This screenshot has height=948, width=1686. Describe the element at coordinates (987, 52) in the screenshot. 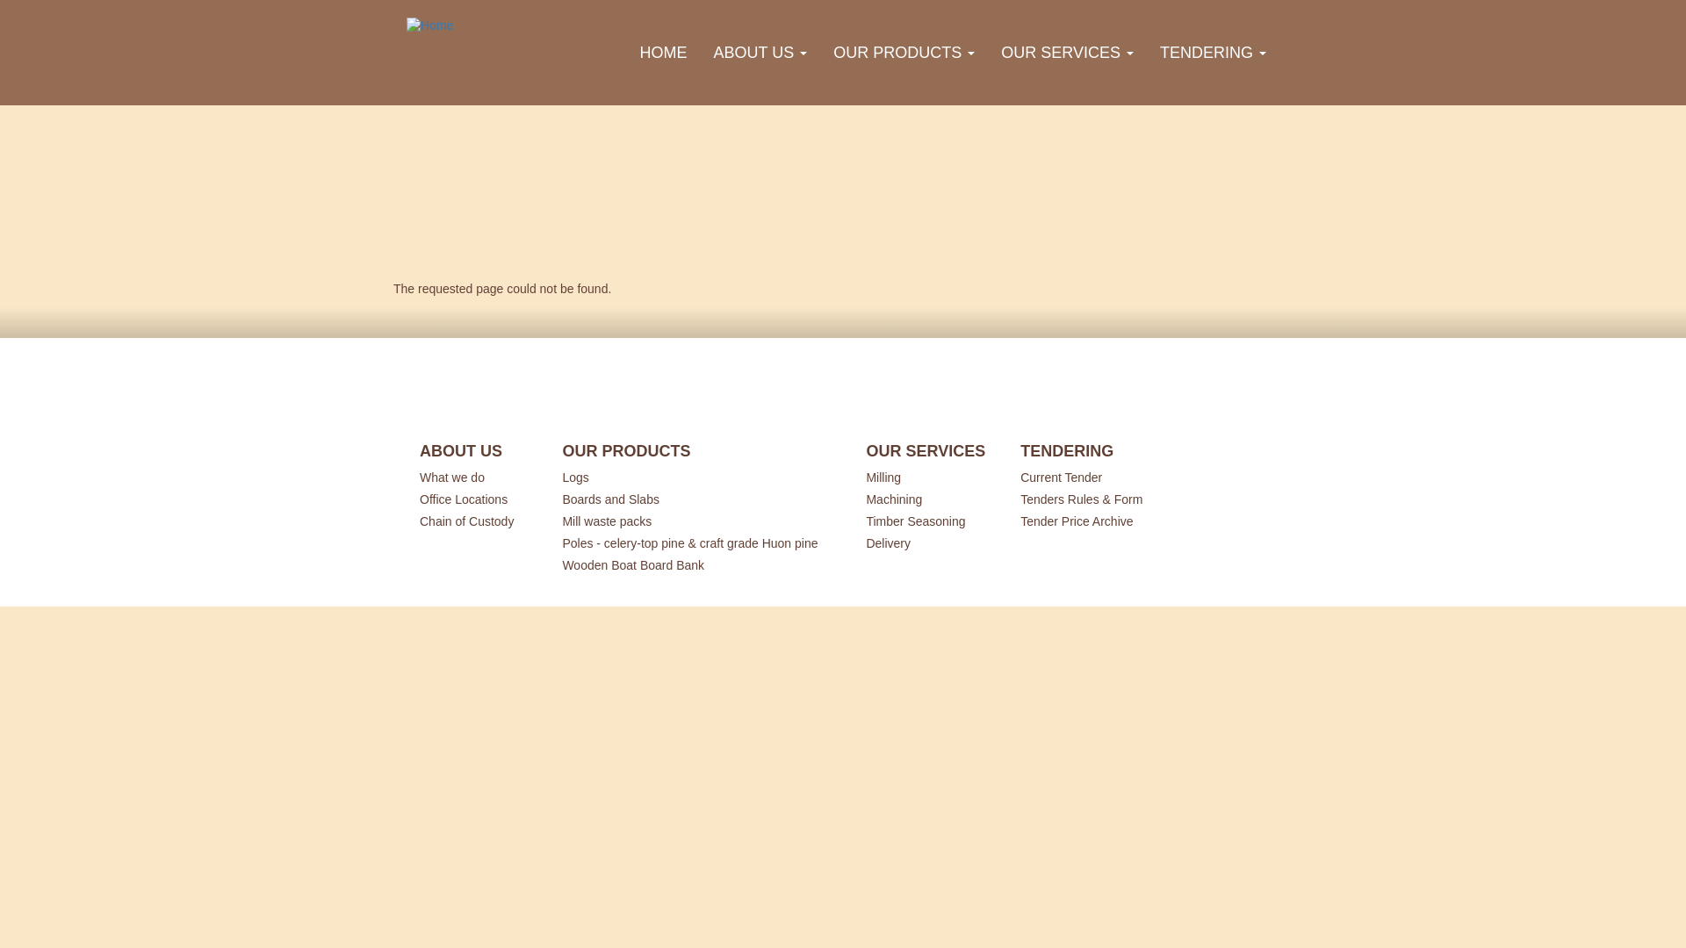

I see `'OUR SERVICES'` at that location.